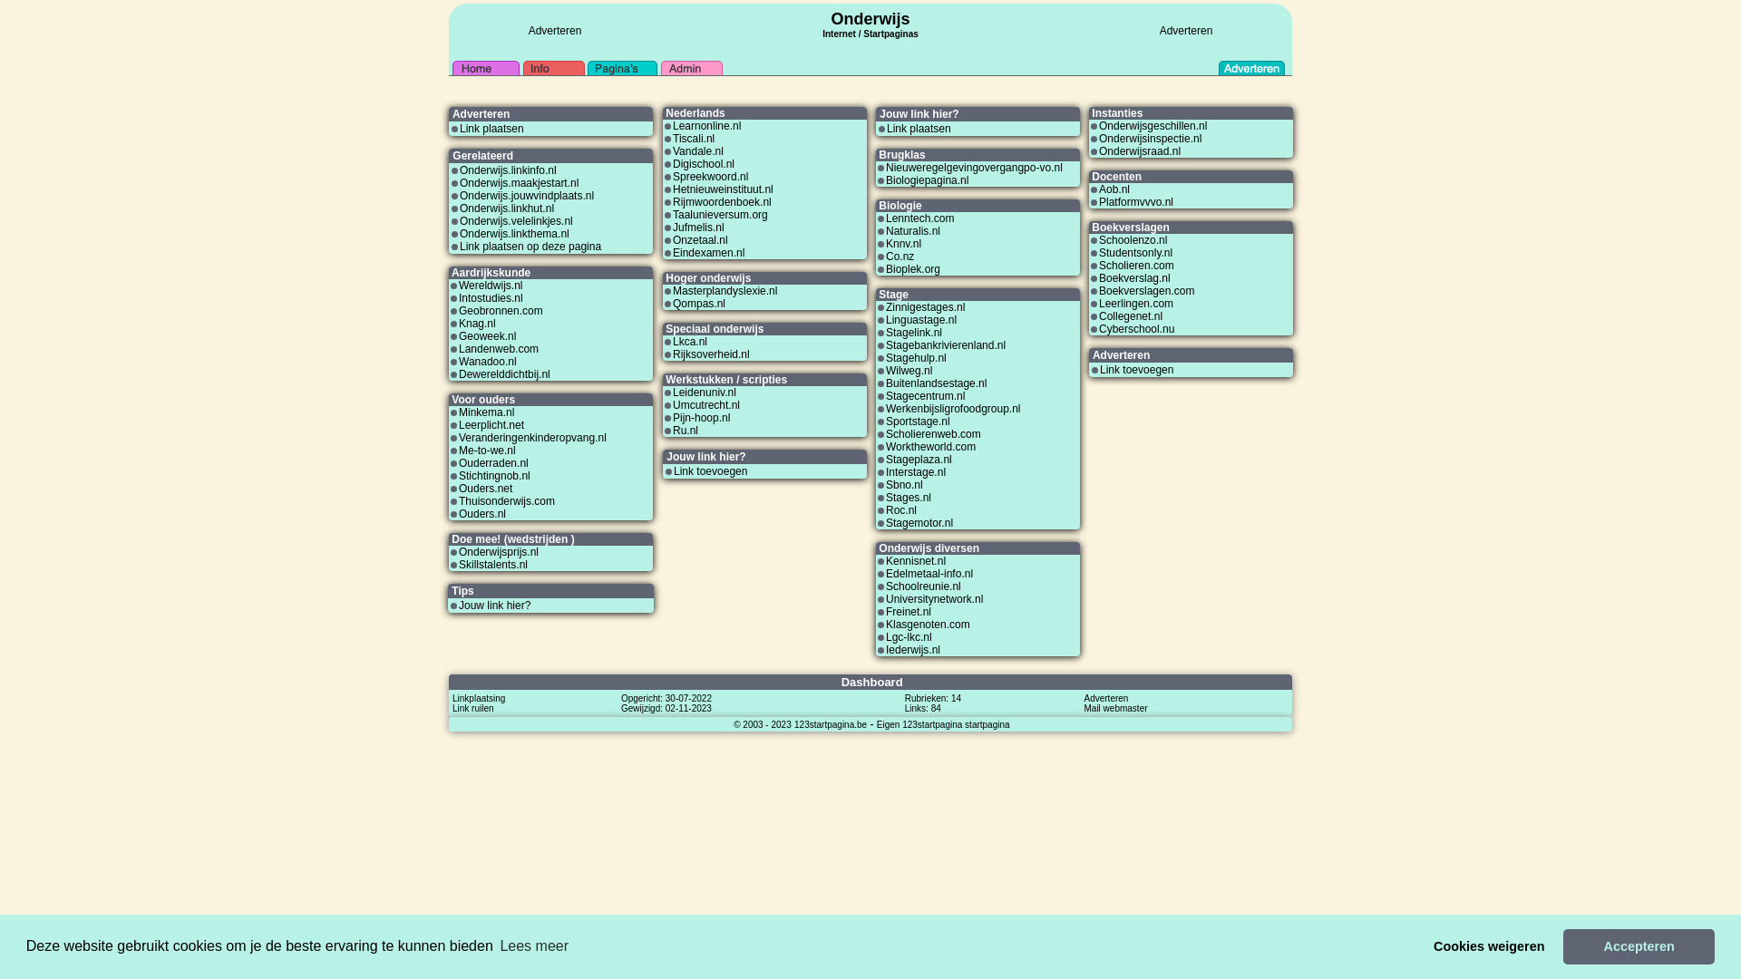  I want to click on 'Spreekwoord.nl', so click(709, 177).